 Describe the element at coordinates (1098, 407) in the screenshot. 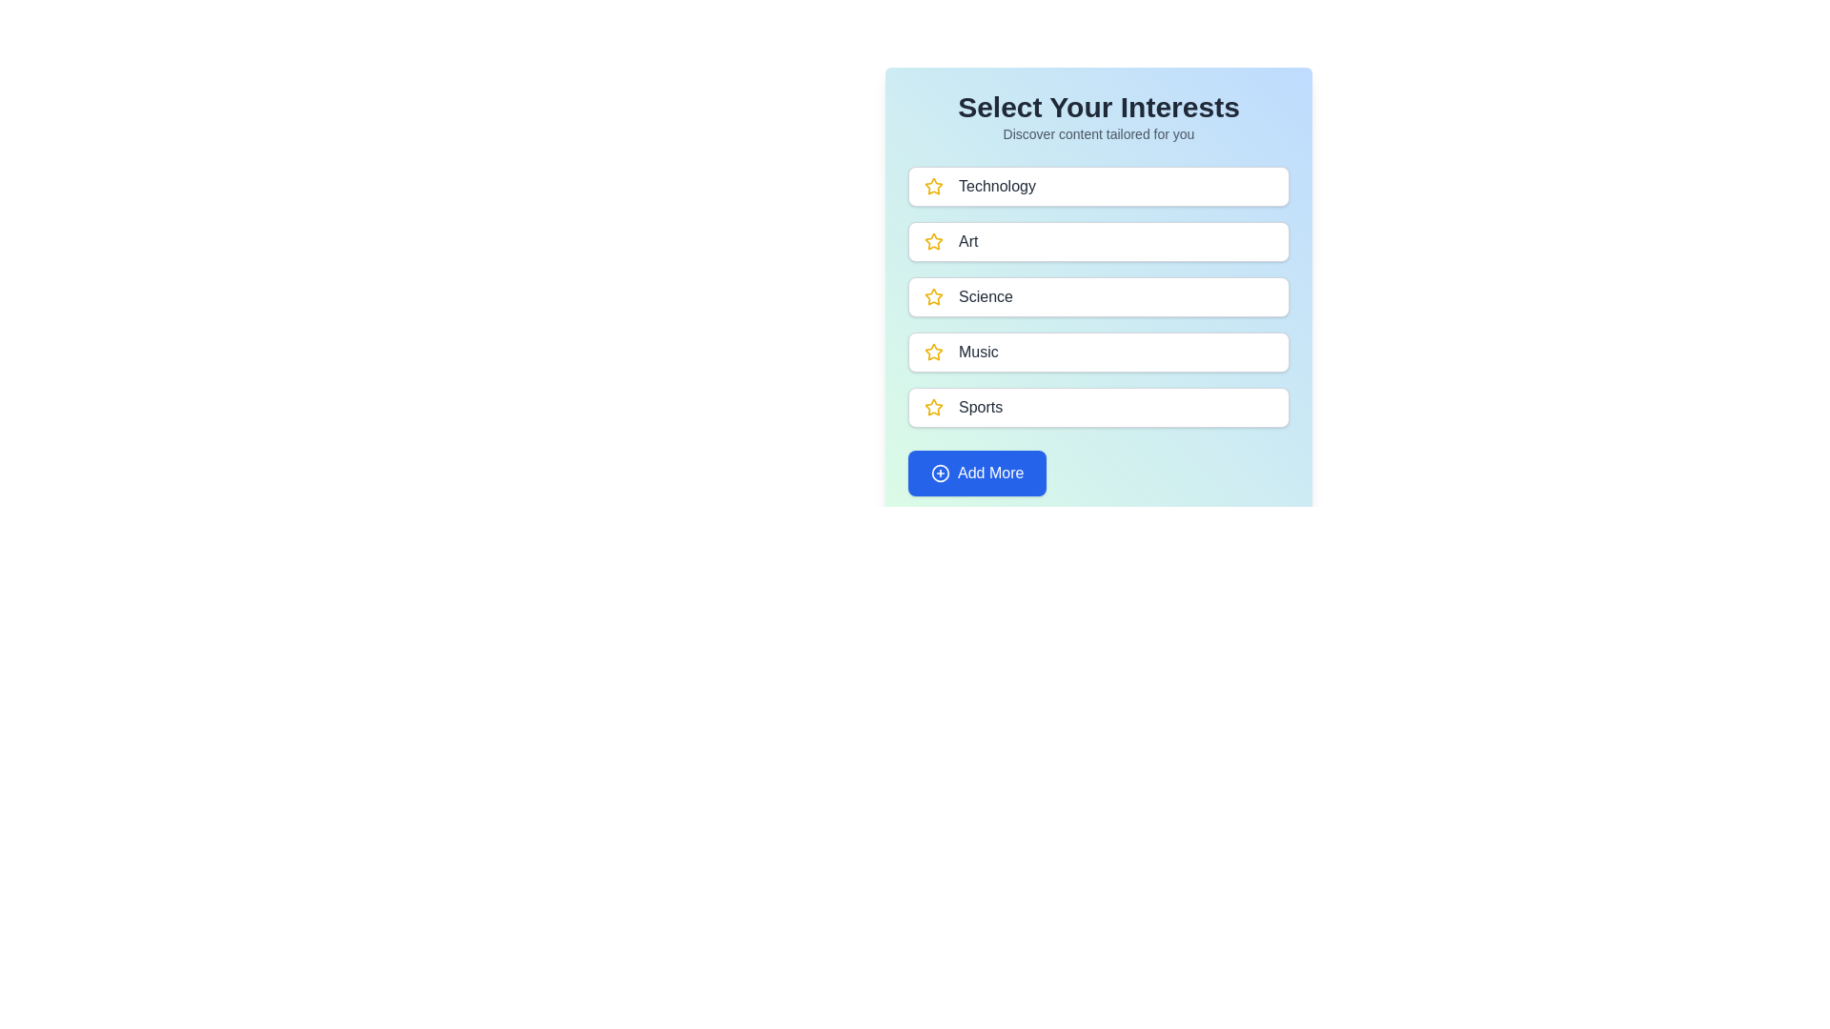

I see `the button corresponding to Sports to select the interest` at that location.